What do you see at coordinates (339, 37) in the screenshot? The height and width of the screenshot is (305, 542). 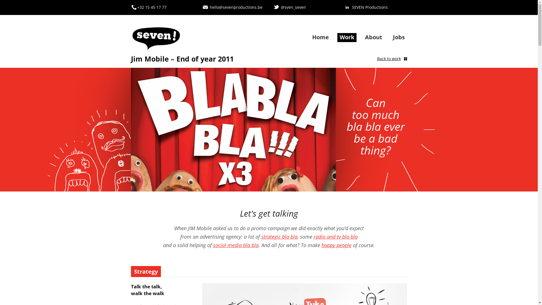 I see `'Work'` at bounding box center [339, 37].